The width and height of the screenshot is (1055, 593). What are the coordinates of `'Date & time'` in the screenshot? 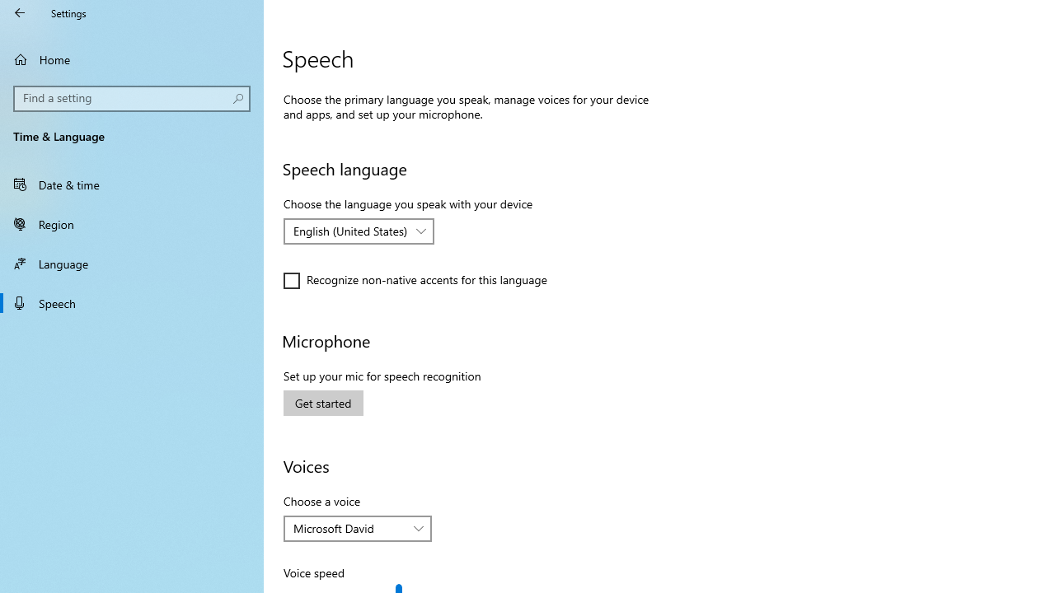 It's located at (132, 184).